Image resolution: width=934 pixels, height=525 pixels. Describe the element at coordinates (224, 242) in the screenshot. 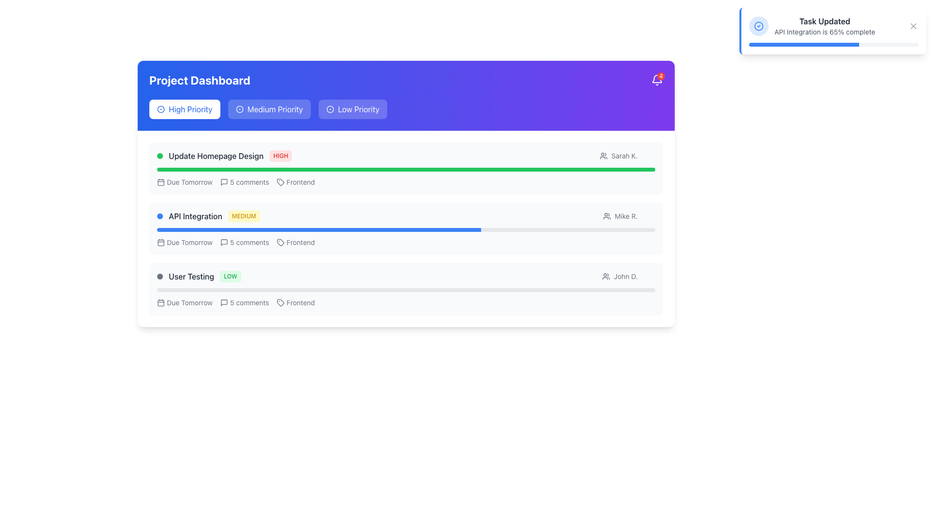

I see `the speech bubble icon, which denotes comments or messages, located in the top-right corner of the interface next to the notification badge icon` at that location.